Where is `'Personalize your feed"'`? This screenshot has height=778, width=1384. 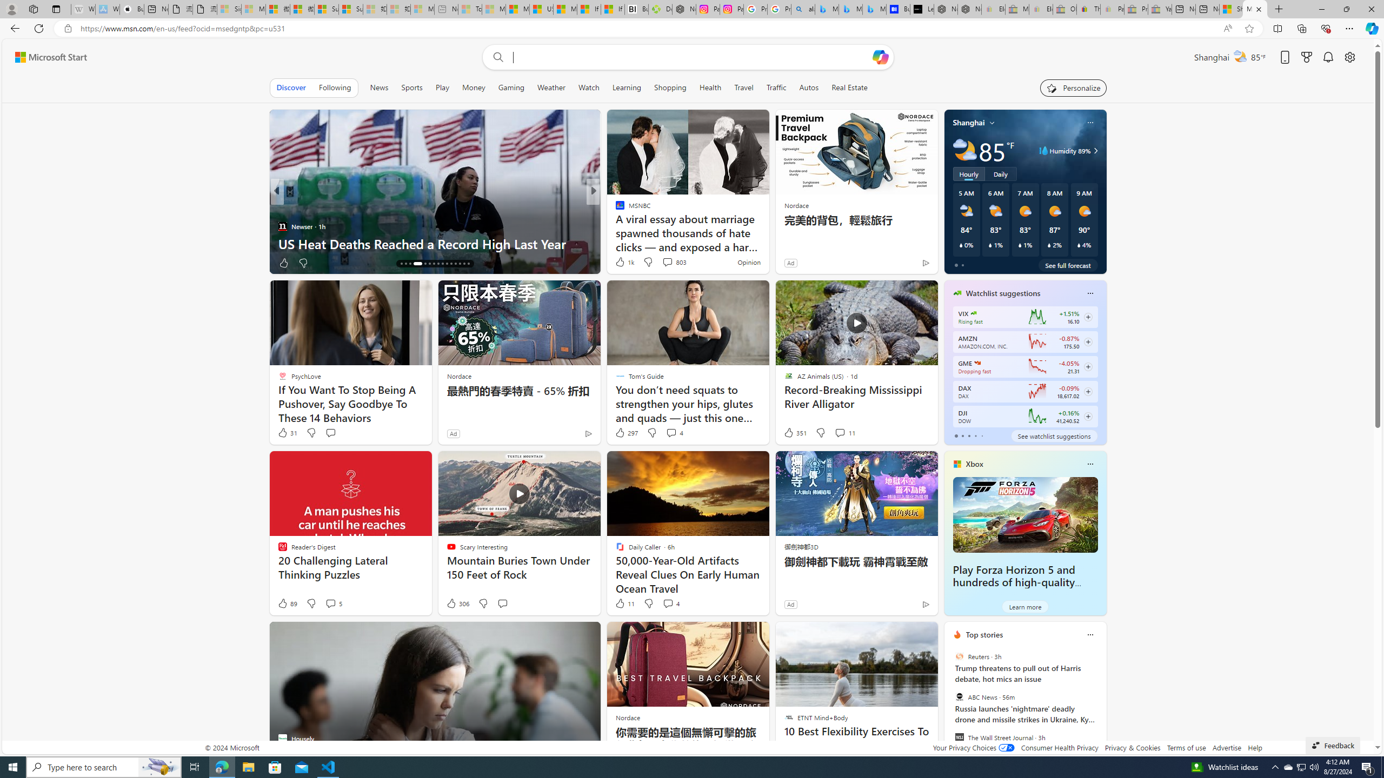 'Personalize your feed"' is located at coordinates (1073, 87).